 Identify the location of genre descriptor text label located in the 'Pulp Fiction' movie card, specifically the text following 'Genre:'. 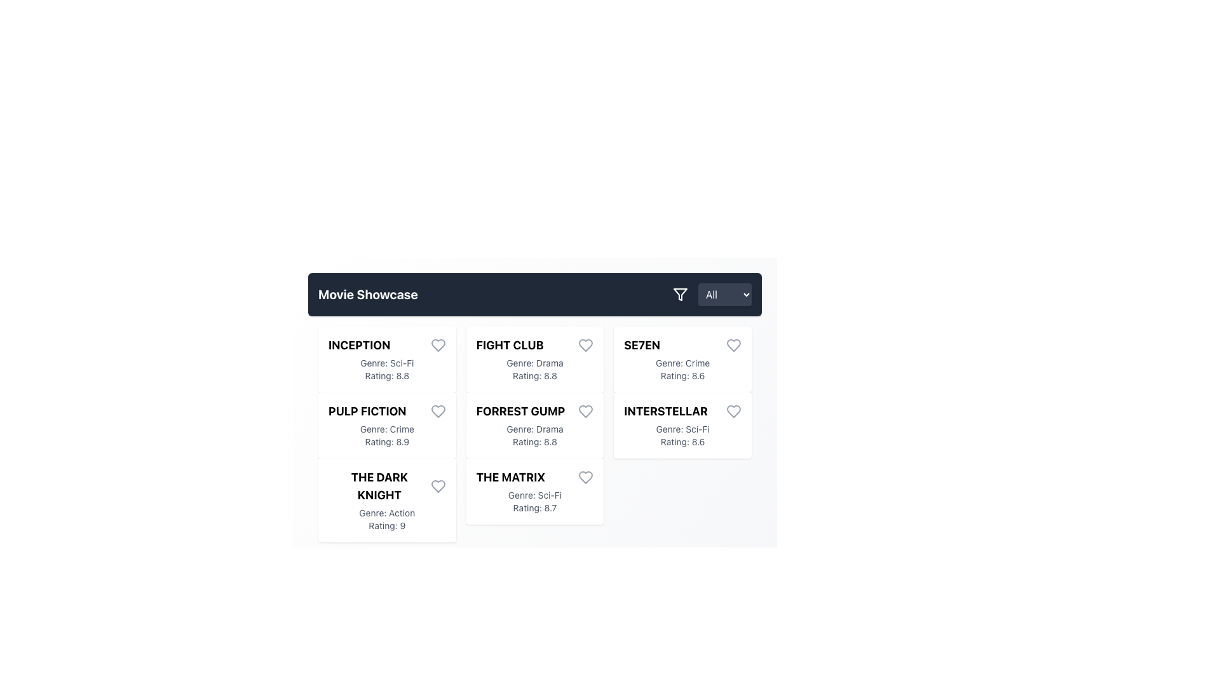
(401, 429).